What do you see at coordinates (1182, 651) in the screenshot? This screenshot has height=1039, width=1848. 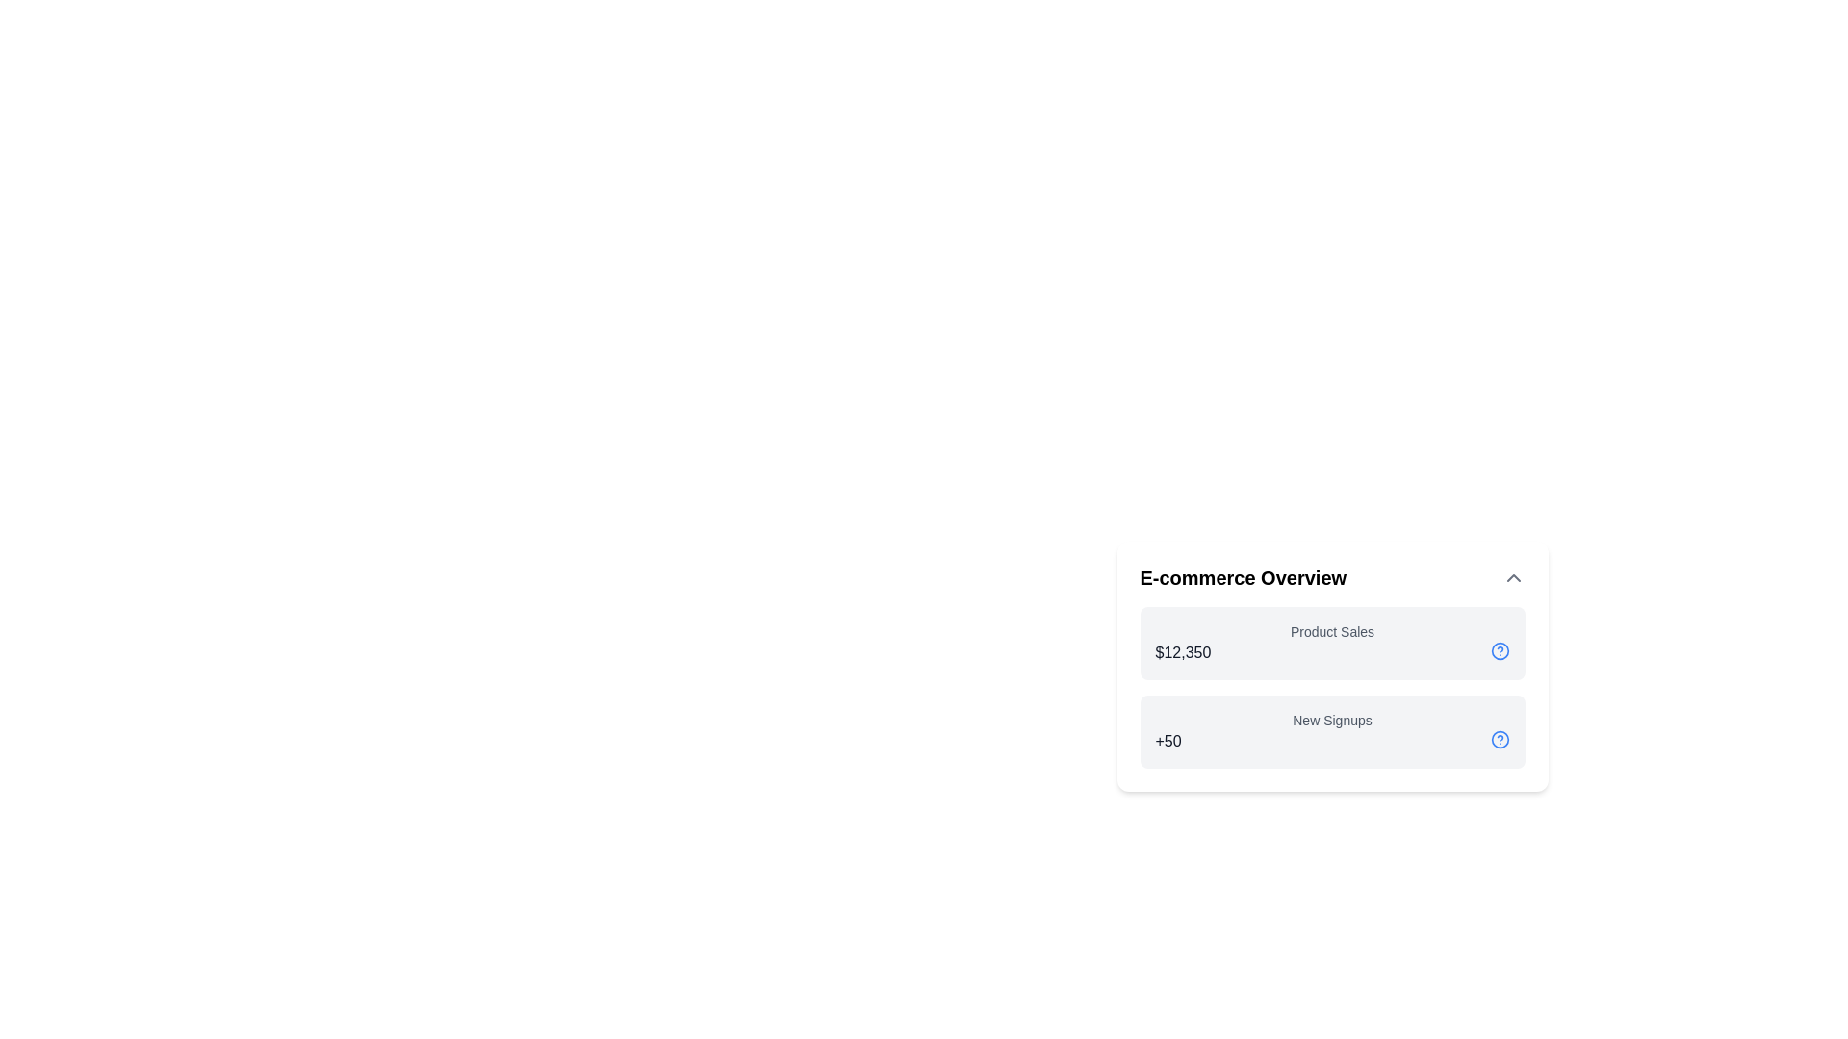 I see `displayed value of the Text Display showing '$12,350' in the 'E-commerce Overview' panel` at bounding box center [1182, 651].